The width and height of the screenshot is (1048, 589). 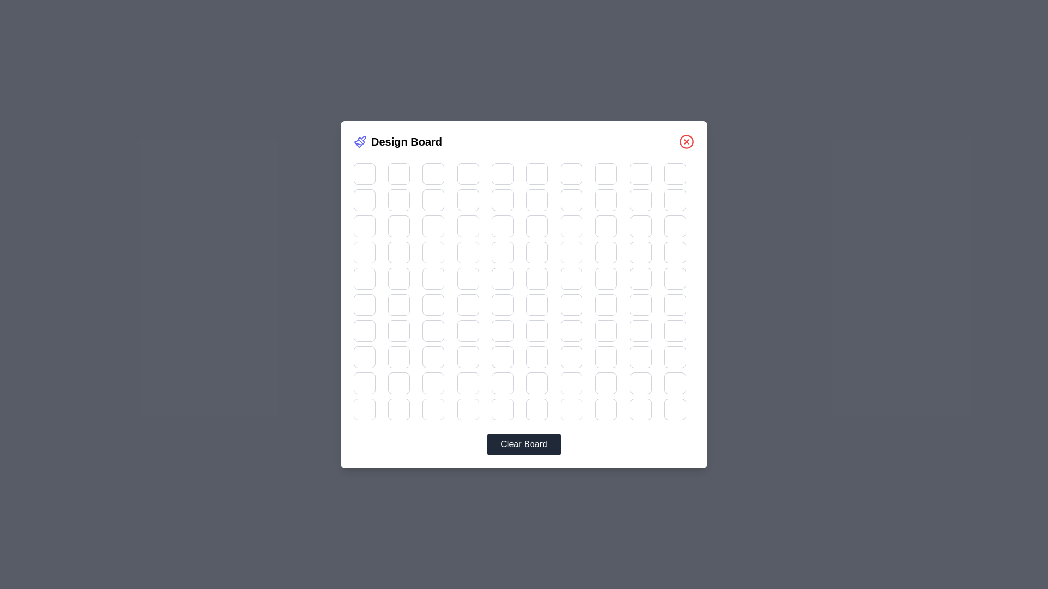 What do you see at coordinates (686, 141) in the screenshot?
I see `close button to close the board` at bounding box center [686, 141].